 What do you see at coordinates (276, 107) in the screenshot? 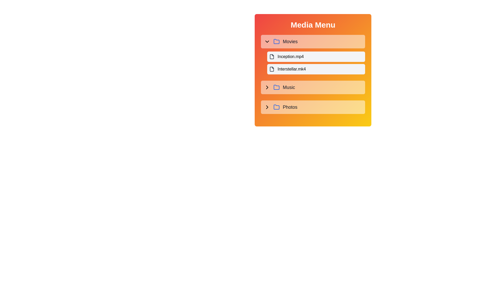
I see `the folder icon with a blue outline and rounded corners` at bounding box center [276, 107].